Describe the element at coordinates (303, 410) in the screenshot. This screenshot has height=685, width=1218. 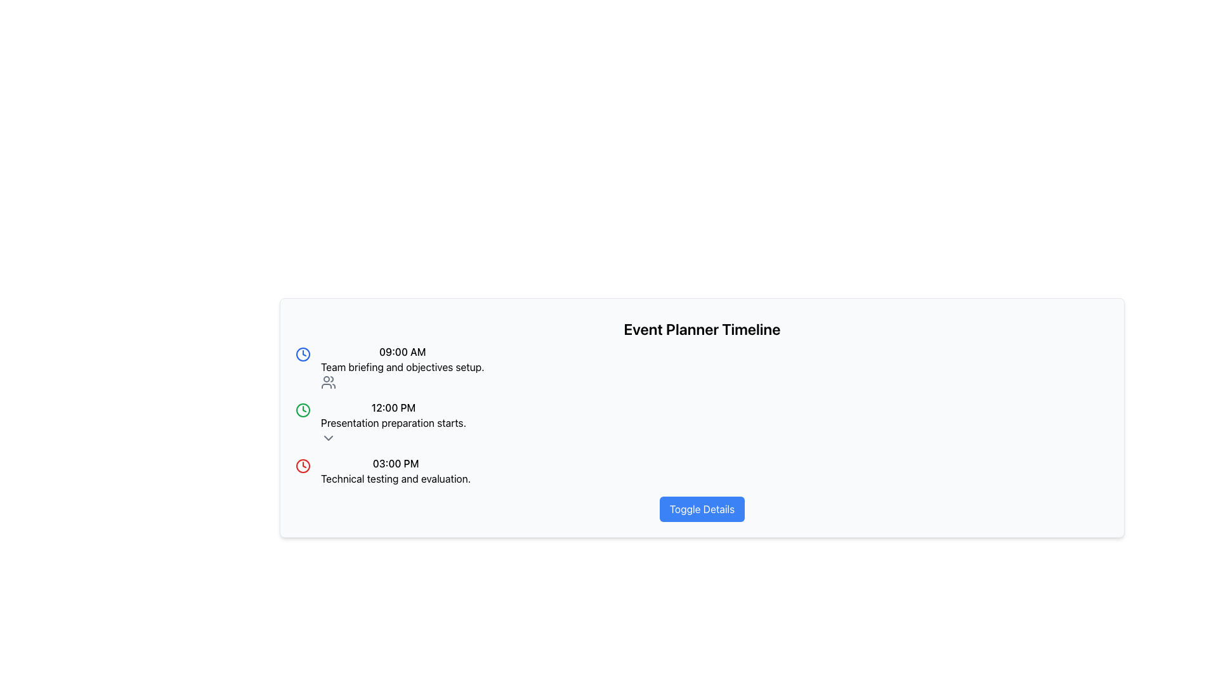
I see `the green clock icon located to the left of the '12:00 PM Presentation preparation starts.' text in the event planner timeline interface` at that location.